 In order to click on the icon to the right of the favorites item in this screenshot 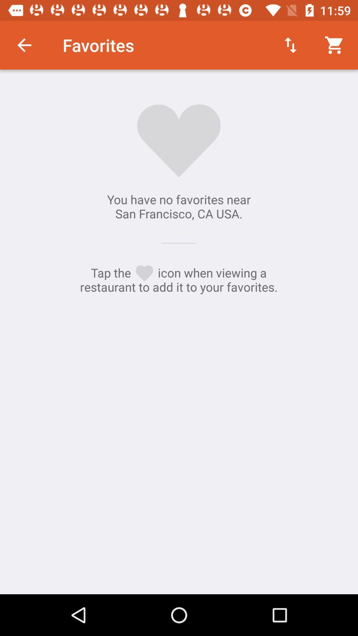, I will do `click(290, 45)`.